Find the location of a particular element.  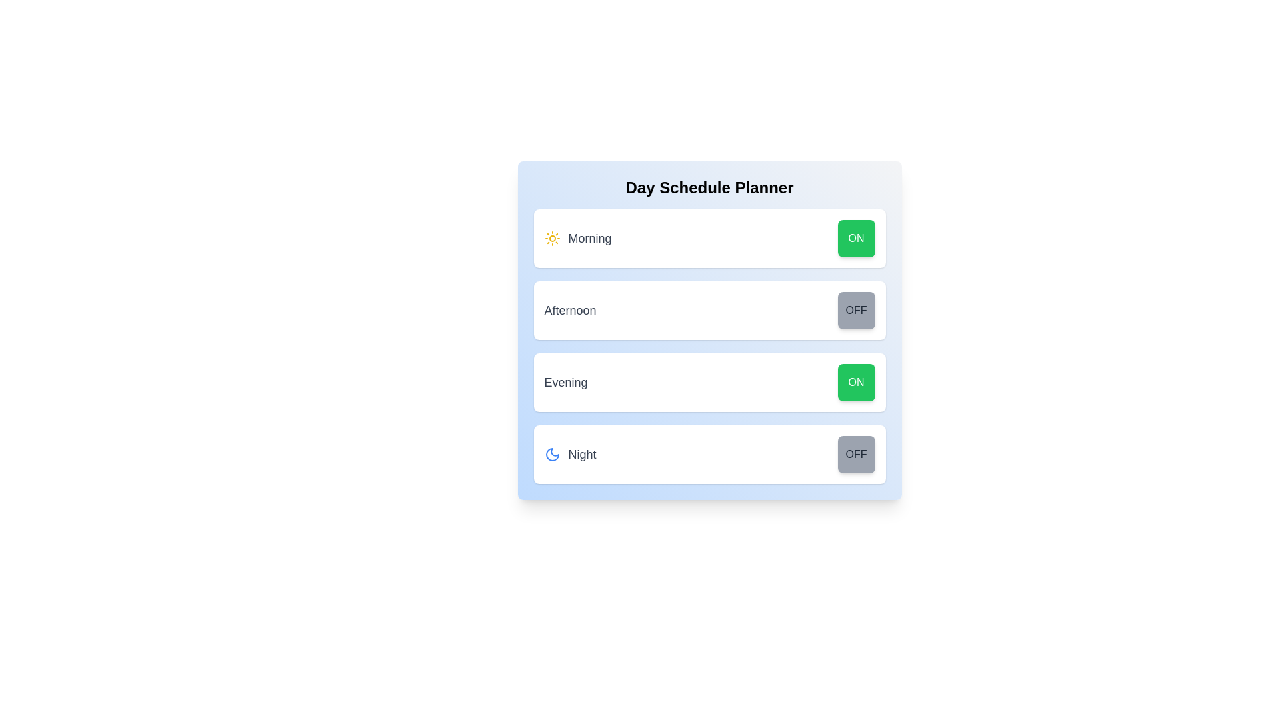

the Night row to highlight or focus it is located at coordinates (709, 454).